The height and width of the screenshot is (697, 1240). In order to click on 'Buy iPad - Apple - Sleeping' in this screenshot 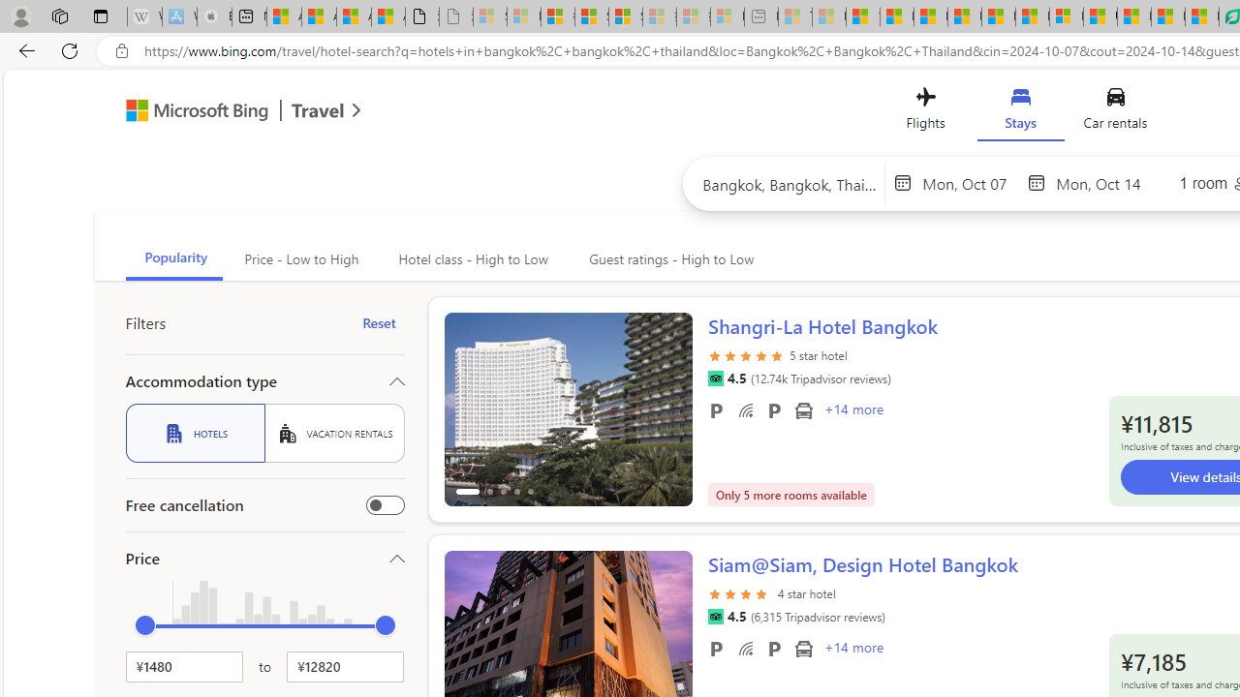, I will do `click(214, 16)`.